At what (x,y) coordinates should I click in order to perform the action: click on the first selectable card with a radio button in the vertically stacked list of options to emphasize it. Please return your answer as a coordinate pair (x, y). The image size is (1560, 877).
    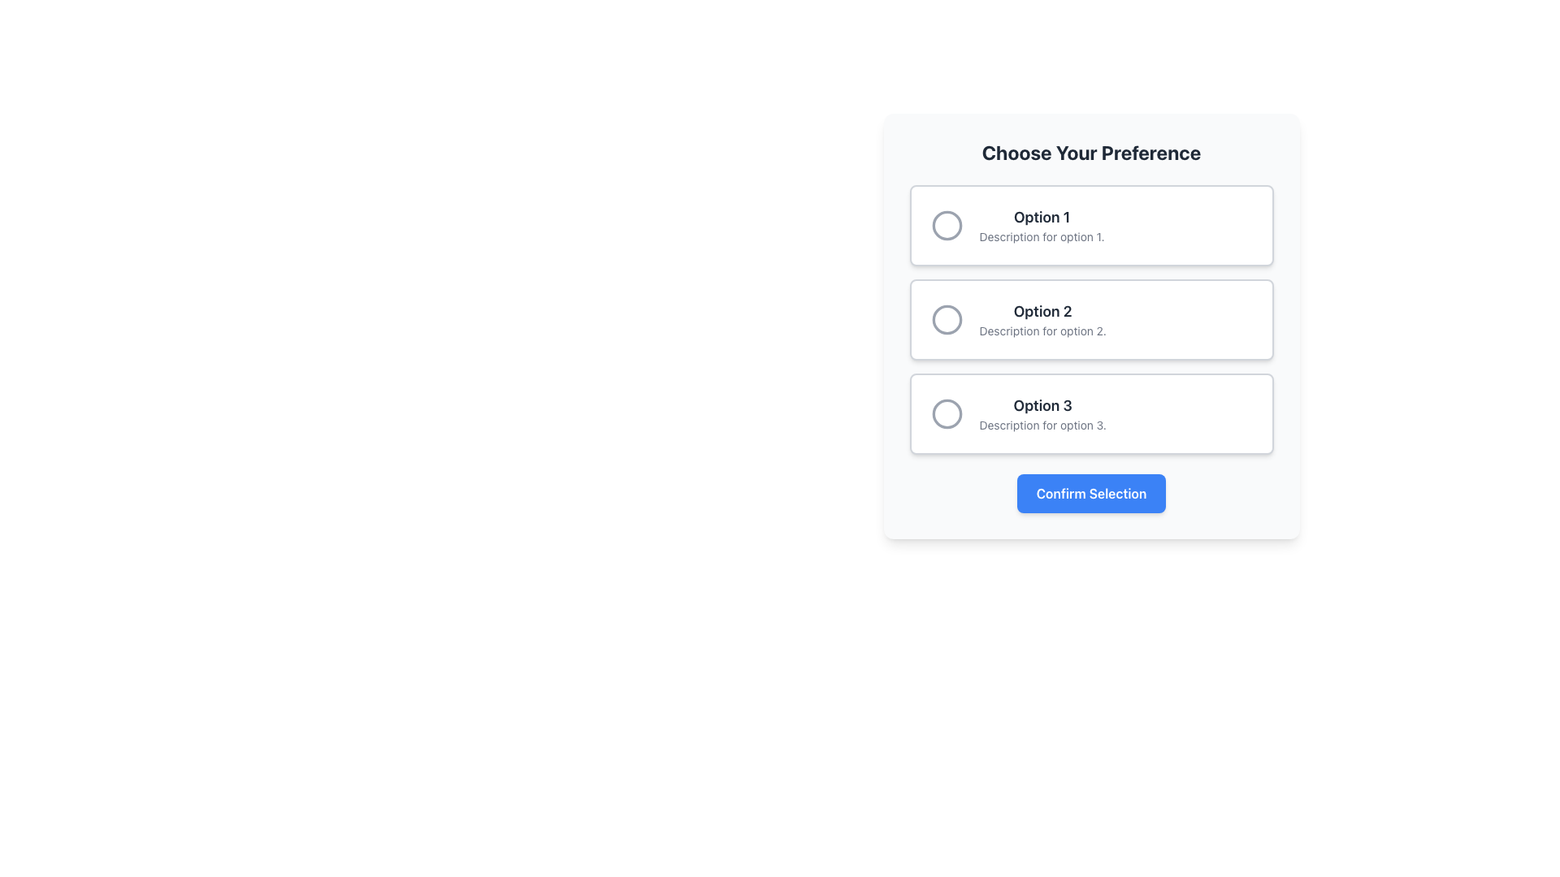
    Looking at the image, I should click on (1091, 225).